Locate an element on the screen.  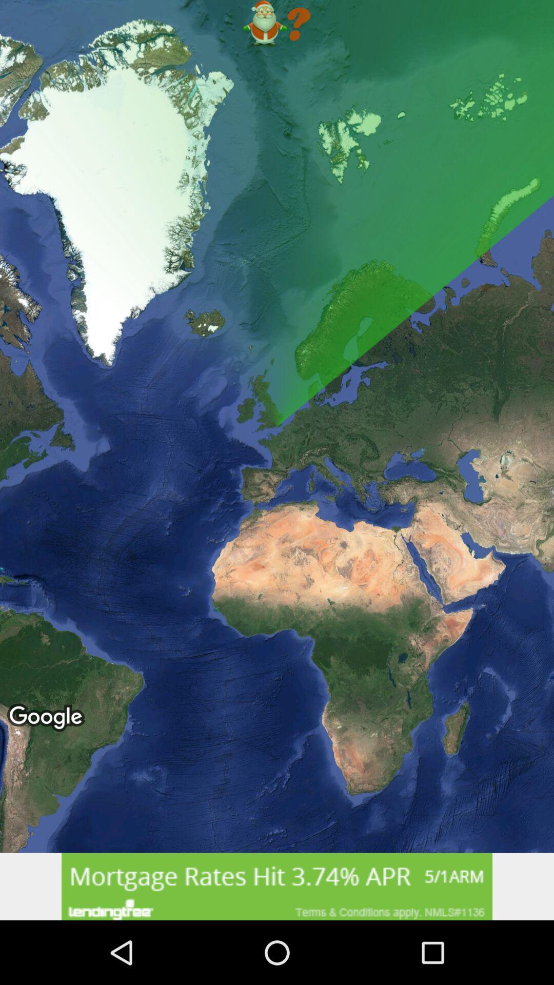
advertisement is located at coordinates (277, 886).